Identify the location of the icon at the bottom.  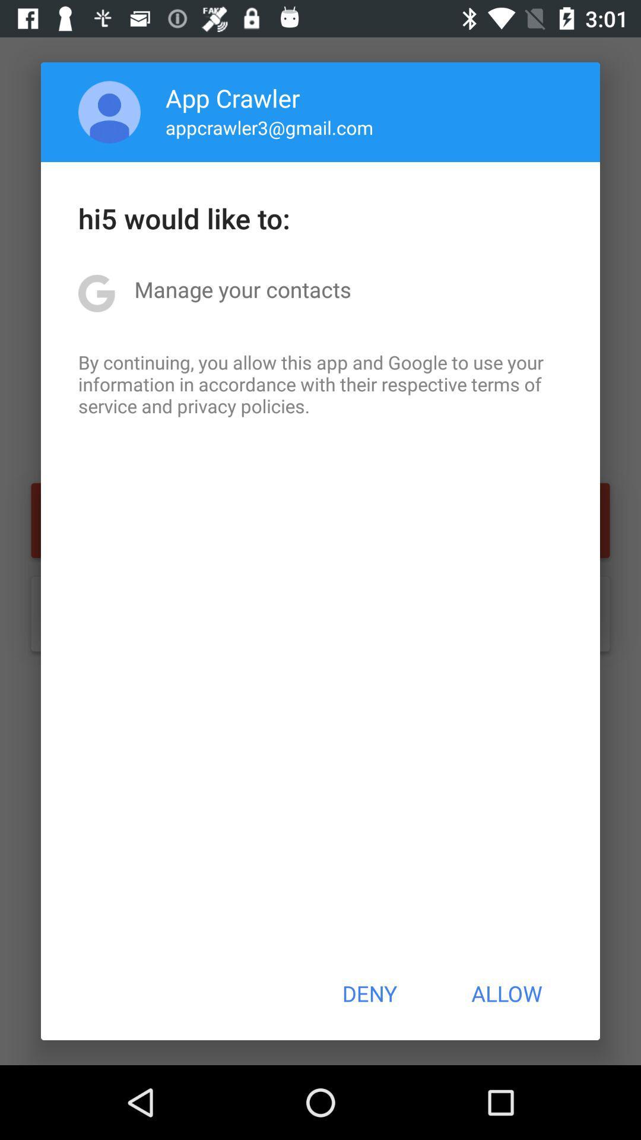
(369, 993).